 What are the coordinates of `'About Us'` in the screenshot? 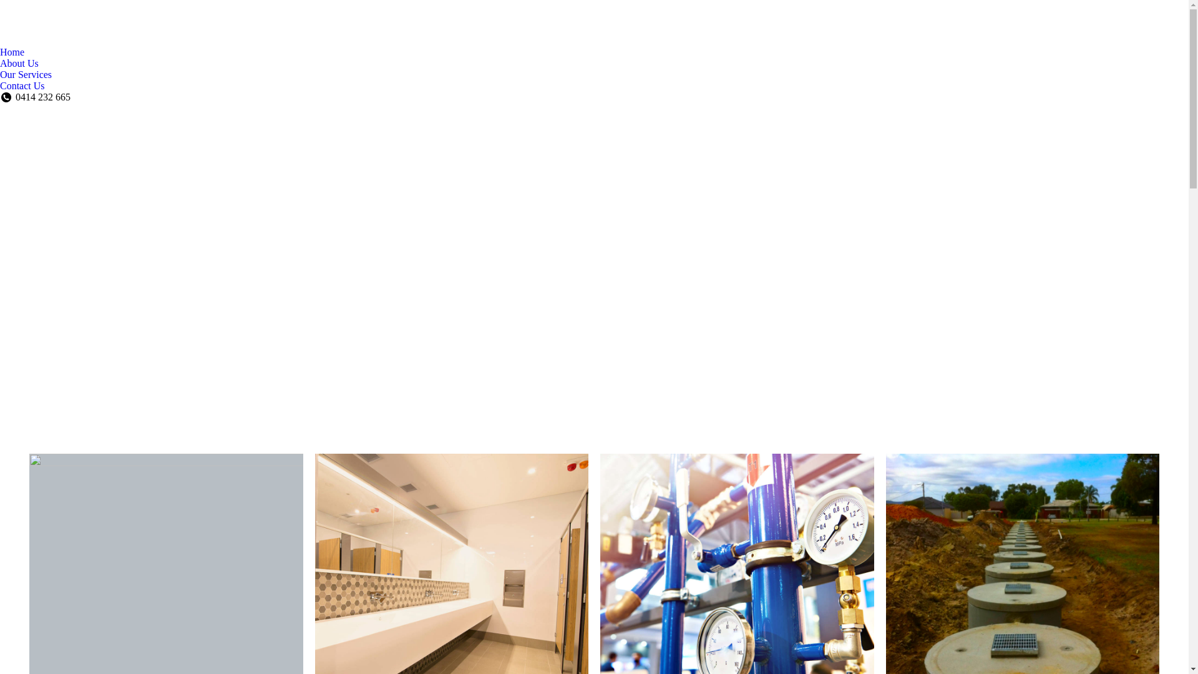 It's located at (19, 63).